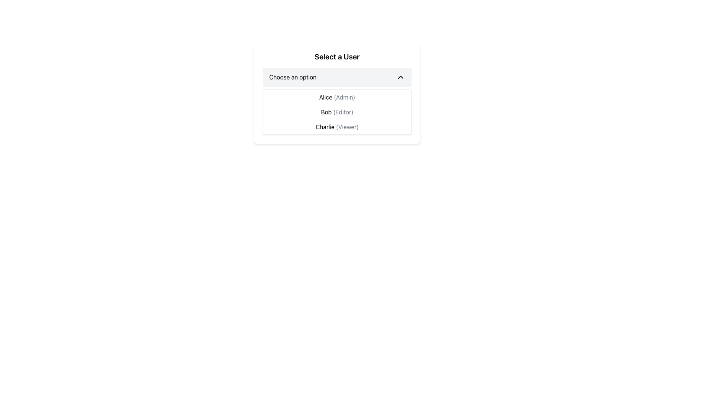 The image size is (713, 401). Describe the element at coordinates (336, 127) in the screenshot. I see `the dropdown list item for user 'Charlie (Viewer)' to activate it` at that location.